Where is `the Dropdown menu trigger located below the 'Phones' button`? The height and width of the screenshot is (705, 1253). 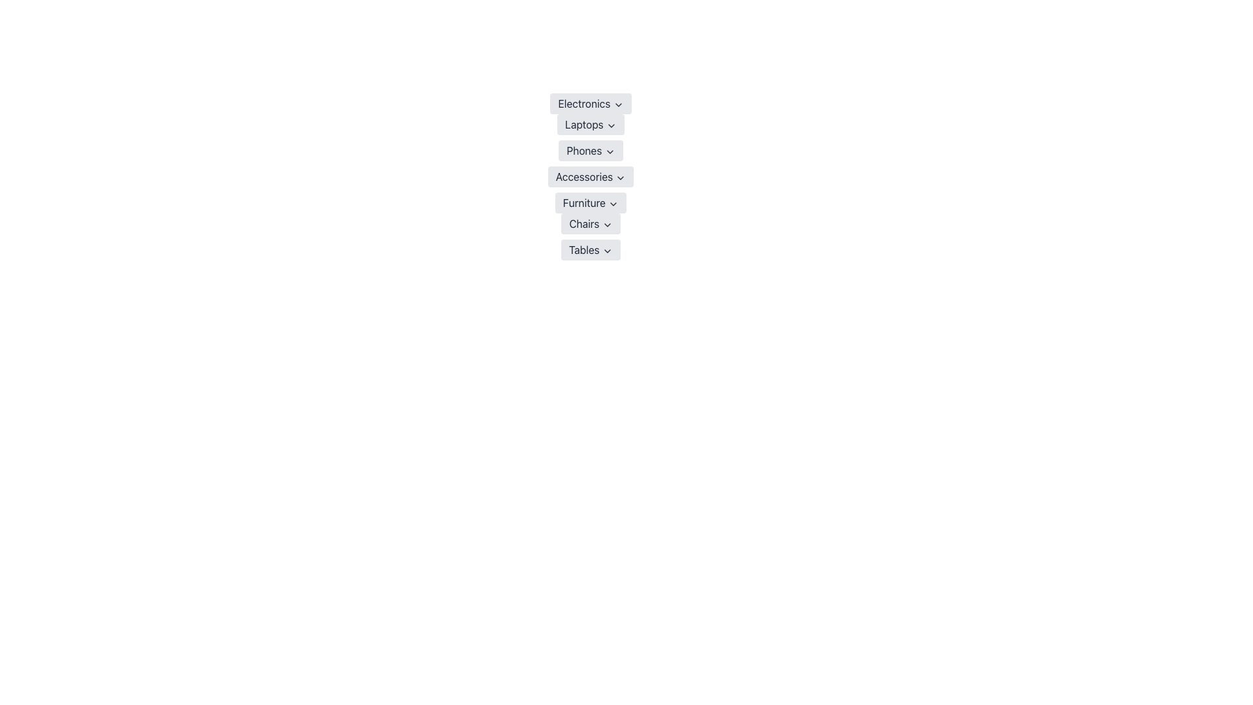 the Dropdown menu trigger located below the 'Phones' button is located at coordinates (590, 176).